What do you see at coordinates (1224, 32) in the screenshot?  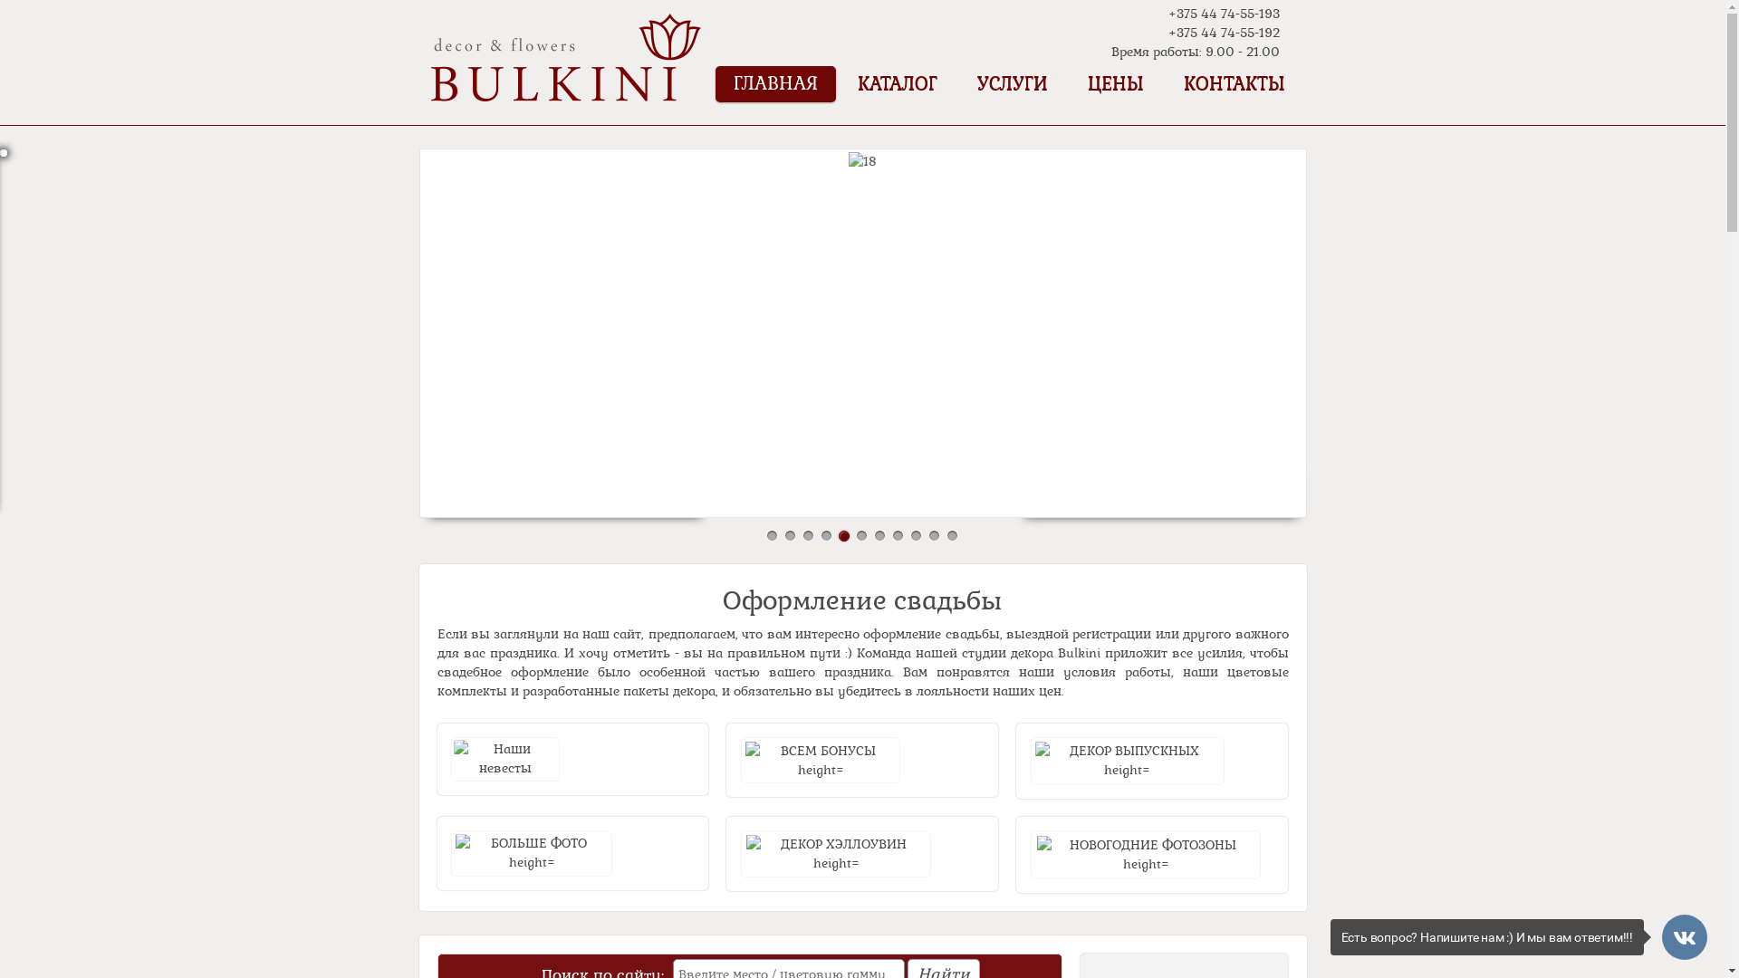 I see `'+375 44 74-55-192'` at bounding box center [1224, 32].